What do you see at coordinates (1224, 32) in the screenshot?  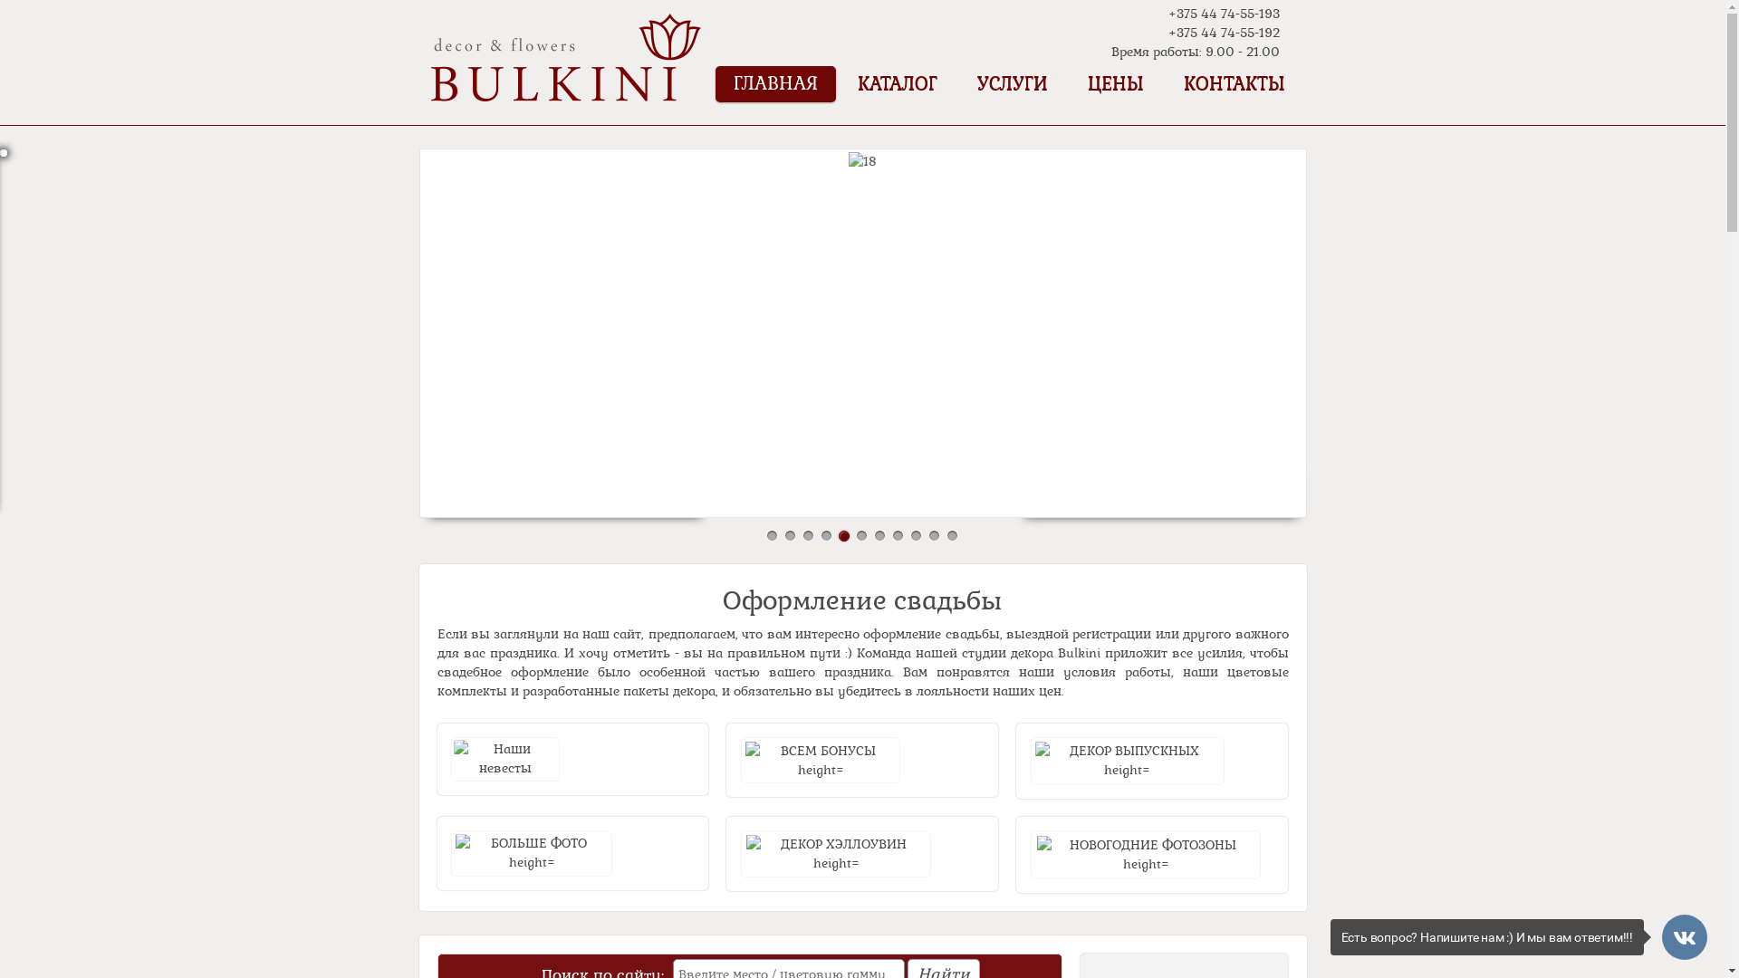 I see `'+375 44 74-55-192'` at bounding box center [1224, 32].